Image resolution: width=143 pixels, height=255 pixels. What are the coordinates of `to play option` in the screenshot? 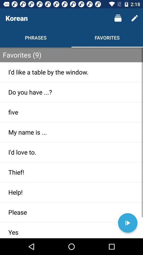 It's located at (127, 223).